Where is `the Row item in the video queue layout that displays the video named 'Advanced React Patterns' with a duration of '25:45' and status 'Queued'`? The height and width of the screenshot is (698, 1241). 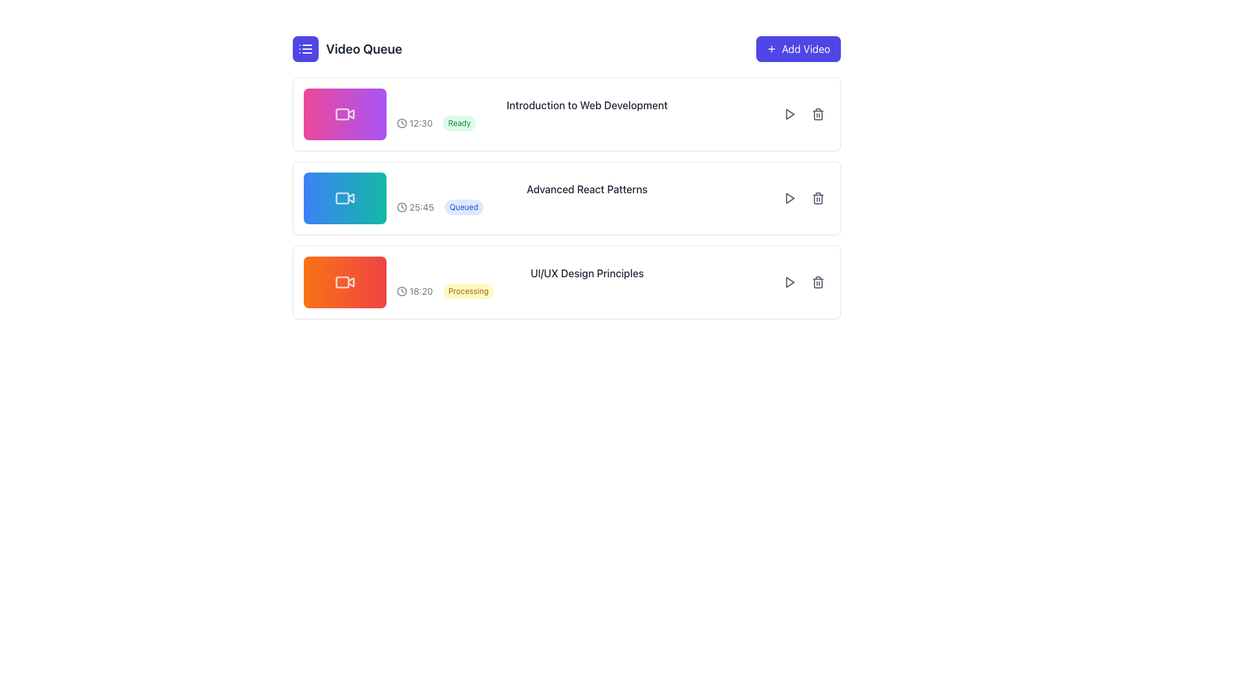 the Row item in the video queue layout that displays the video named 'Advanced React Patterns' with a duration of '25:45' and status 'Queued' is located at coordinates (586, 206).